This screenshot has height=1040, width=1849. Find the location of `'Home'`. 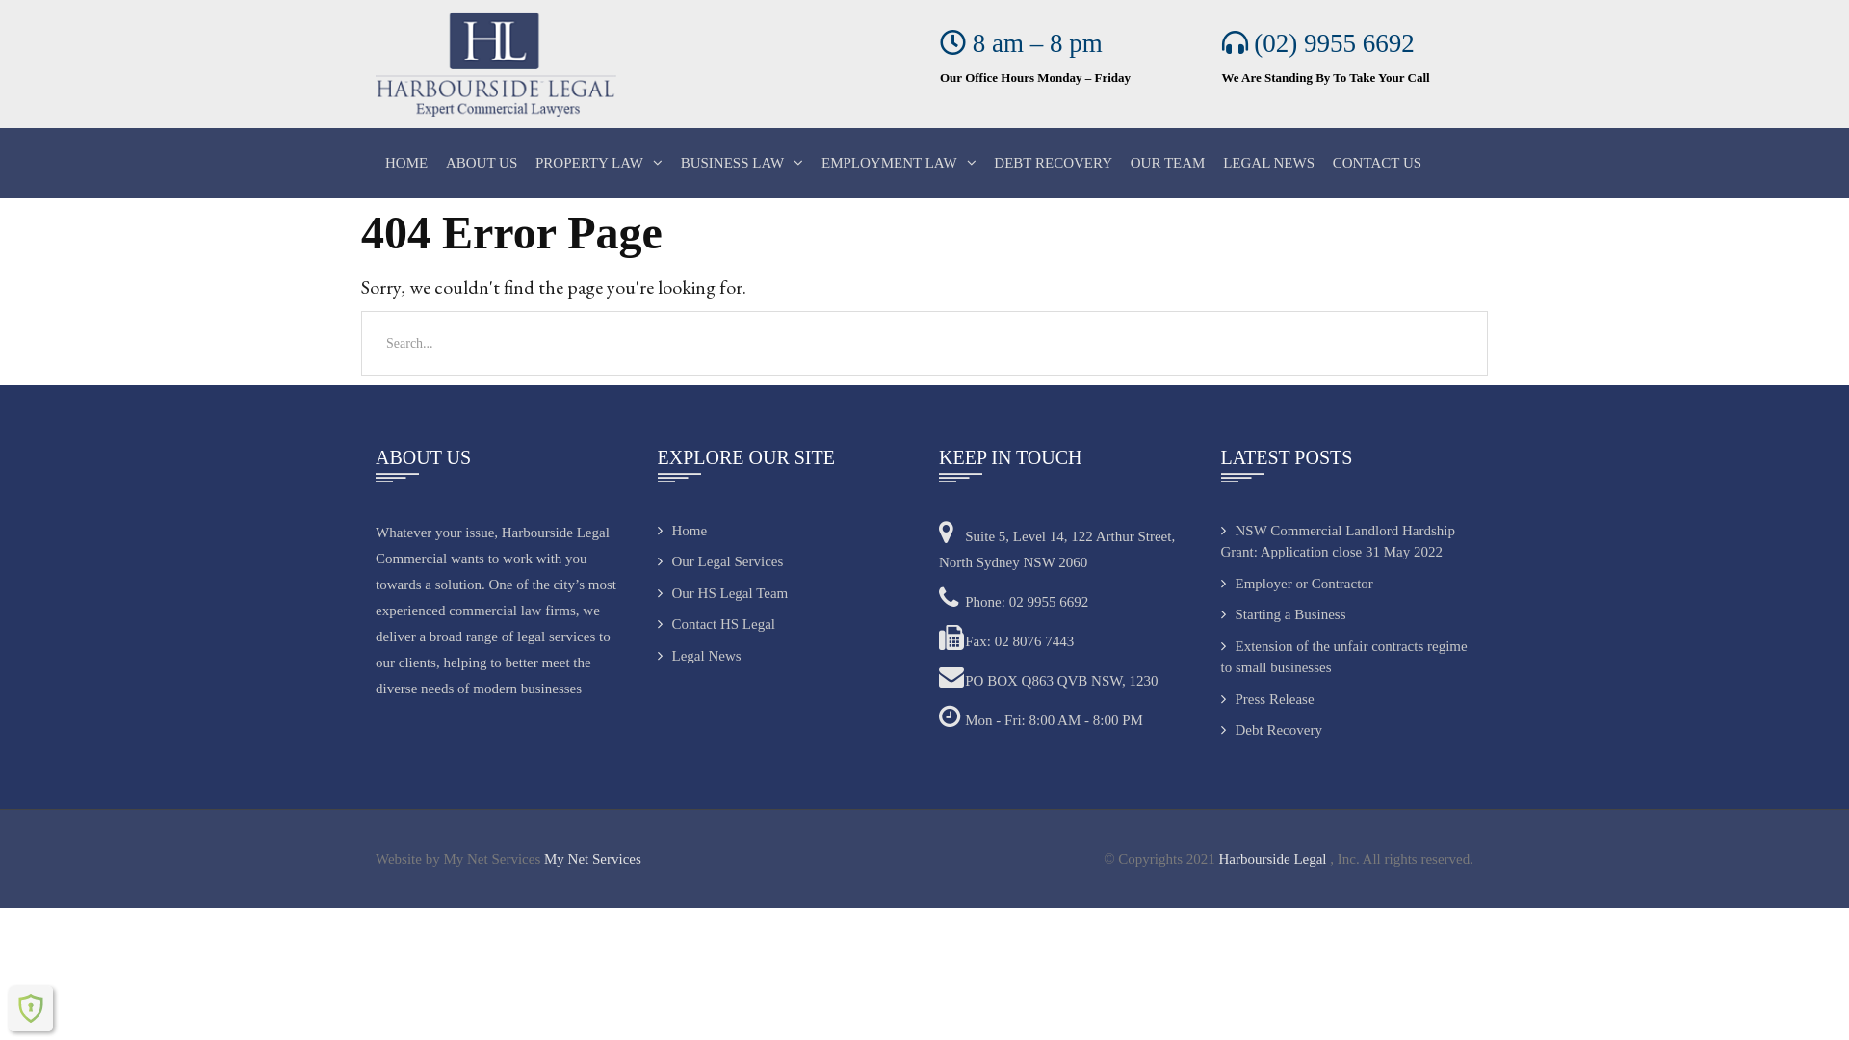

'Home' is located at coordinates (682, 530).